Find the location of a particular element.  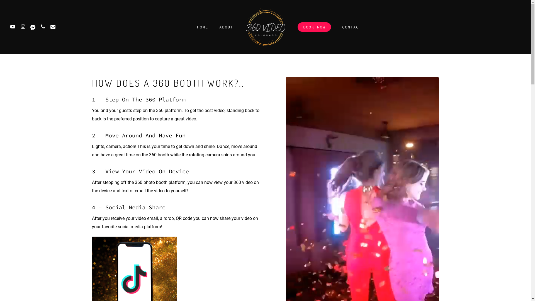

'ABOUT' is located at coordinates (226, 27).